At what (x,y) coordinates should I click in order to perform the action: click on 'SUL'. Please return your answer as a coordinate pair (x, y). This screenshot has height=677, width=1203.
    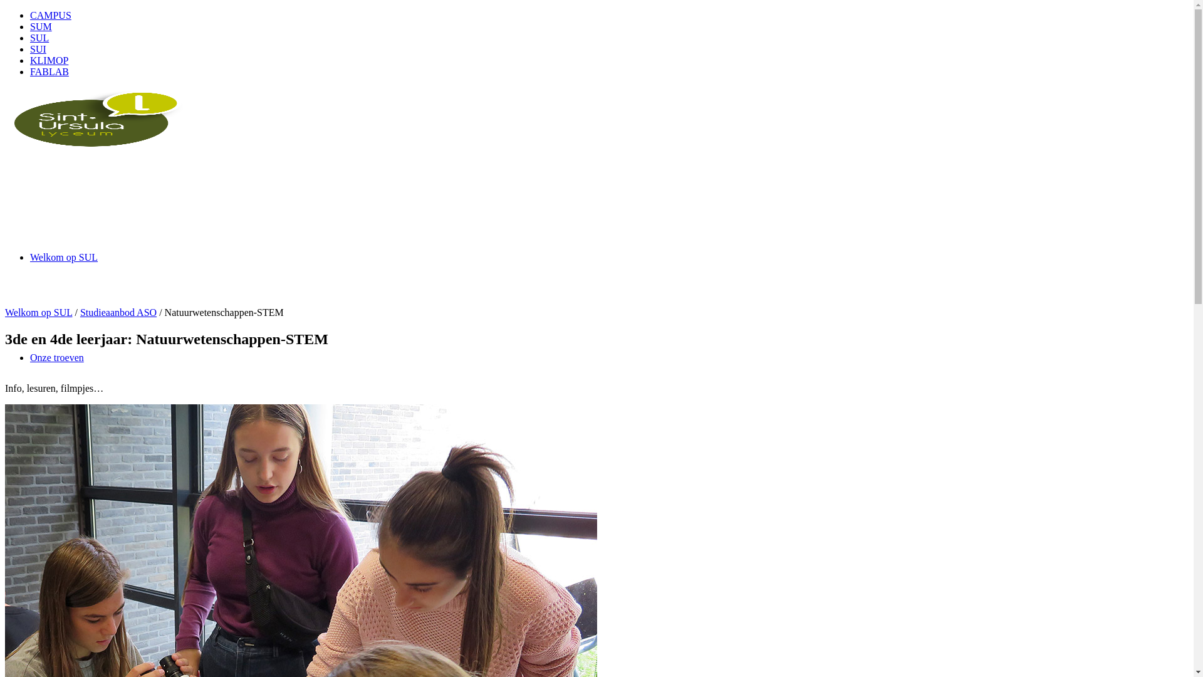
    Looking at the image, I should click on (39, 37).